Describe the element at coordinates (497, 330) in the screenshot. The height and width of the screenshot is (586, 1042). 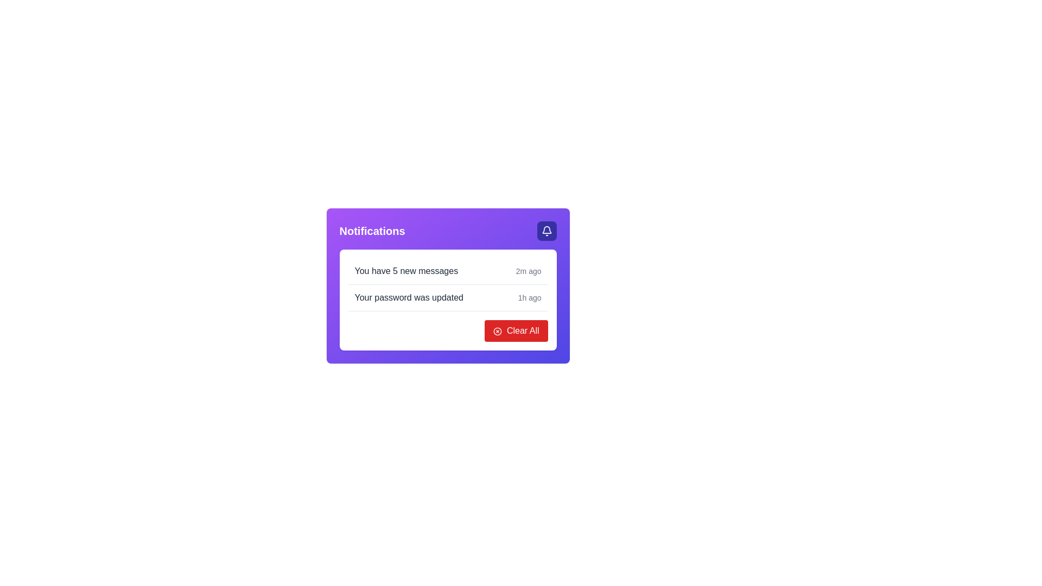
I see `the graphical icon located at the top-right corner of the notification card with a purple background` at that location.